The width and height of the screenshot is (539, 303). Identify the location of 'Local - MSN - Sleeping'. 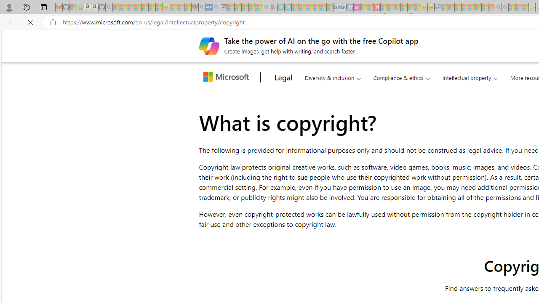
(187, 7).